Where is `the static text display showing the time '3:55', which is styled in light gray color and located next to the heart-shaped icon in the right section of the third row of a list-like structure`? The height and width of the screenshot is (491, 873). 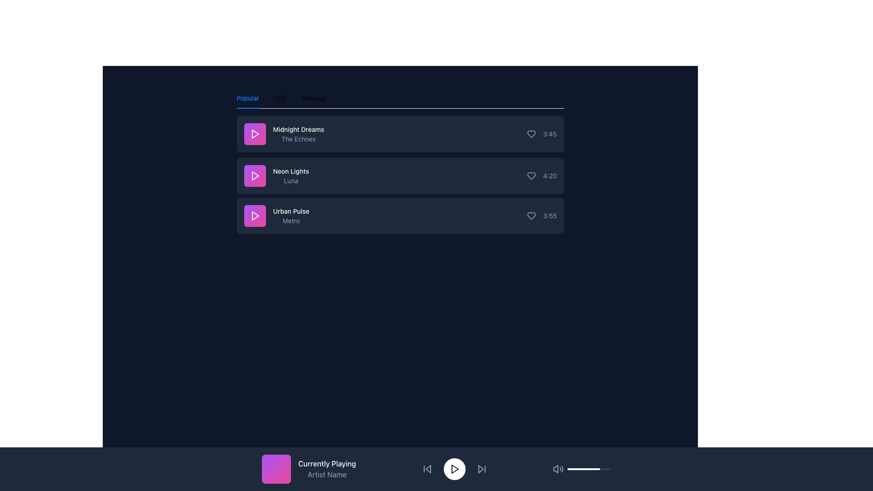
the static text display showing the time '3:55', which is styled in light gray color and located next to the heart-shaped icon in the right section of the third row of a list-like structure is located at coordinates (542, 215).